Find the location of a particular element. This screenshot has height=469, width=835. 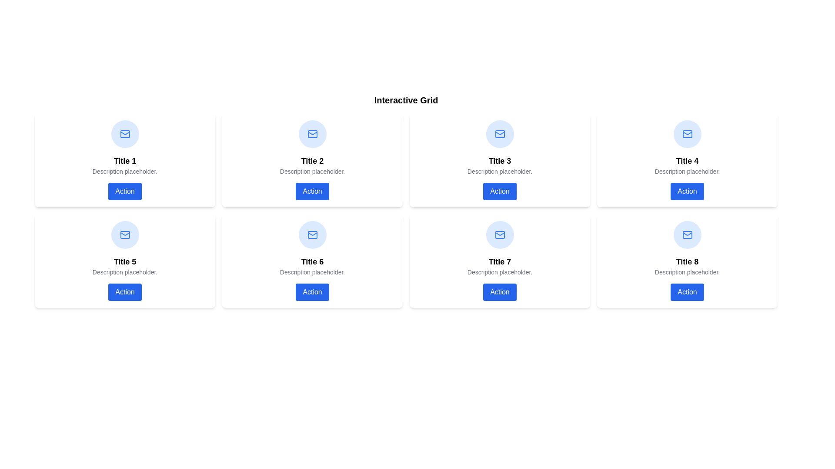

the email icon located at the top center of the card titled 'Title 4', which serves as a static visual cue for email is located at coordinates (687, 134).